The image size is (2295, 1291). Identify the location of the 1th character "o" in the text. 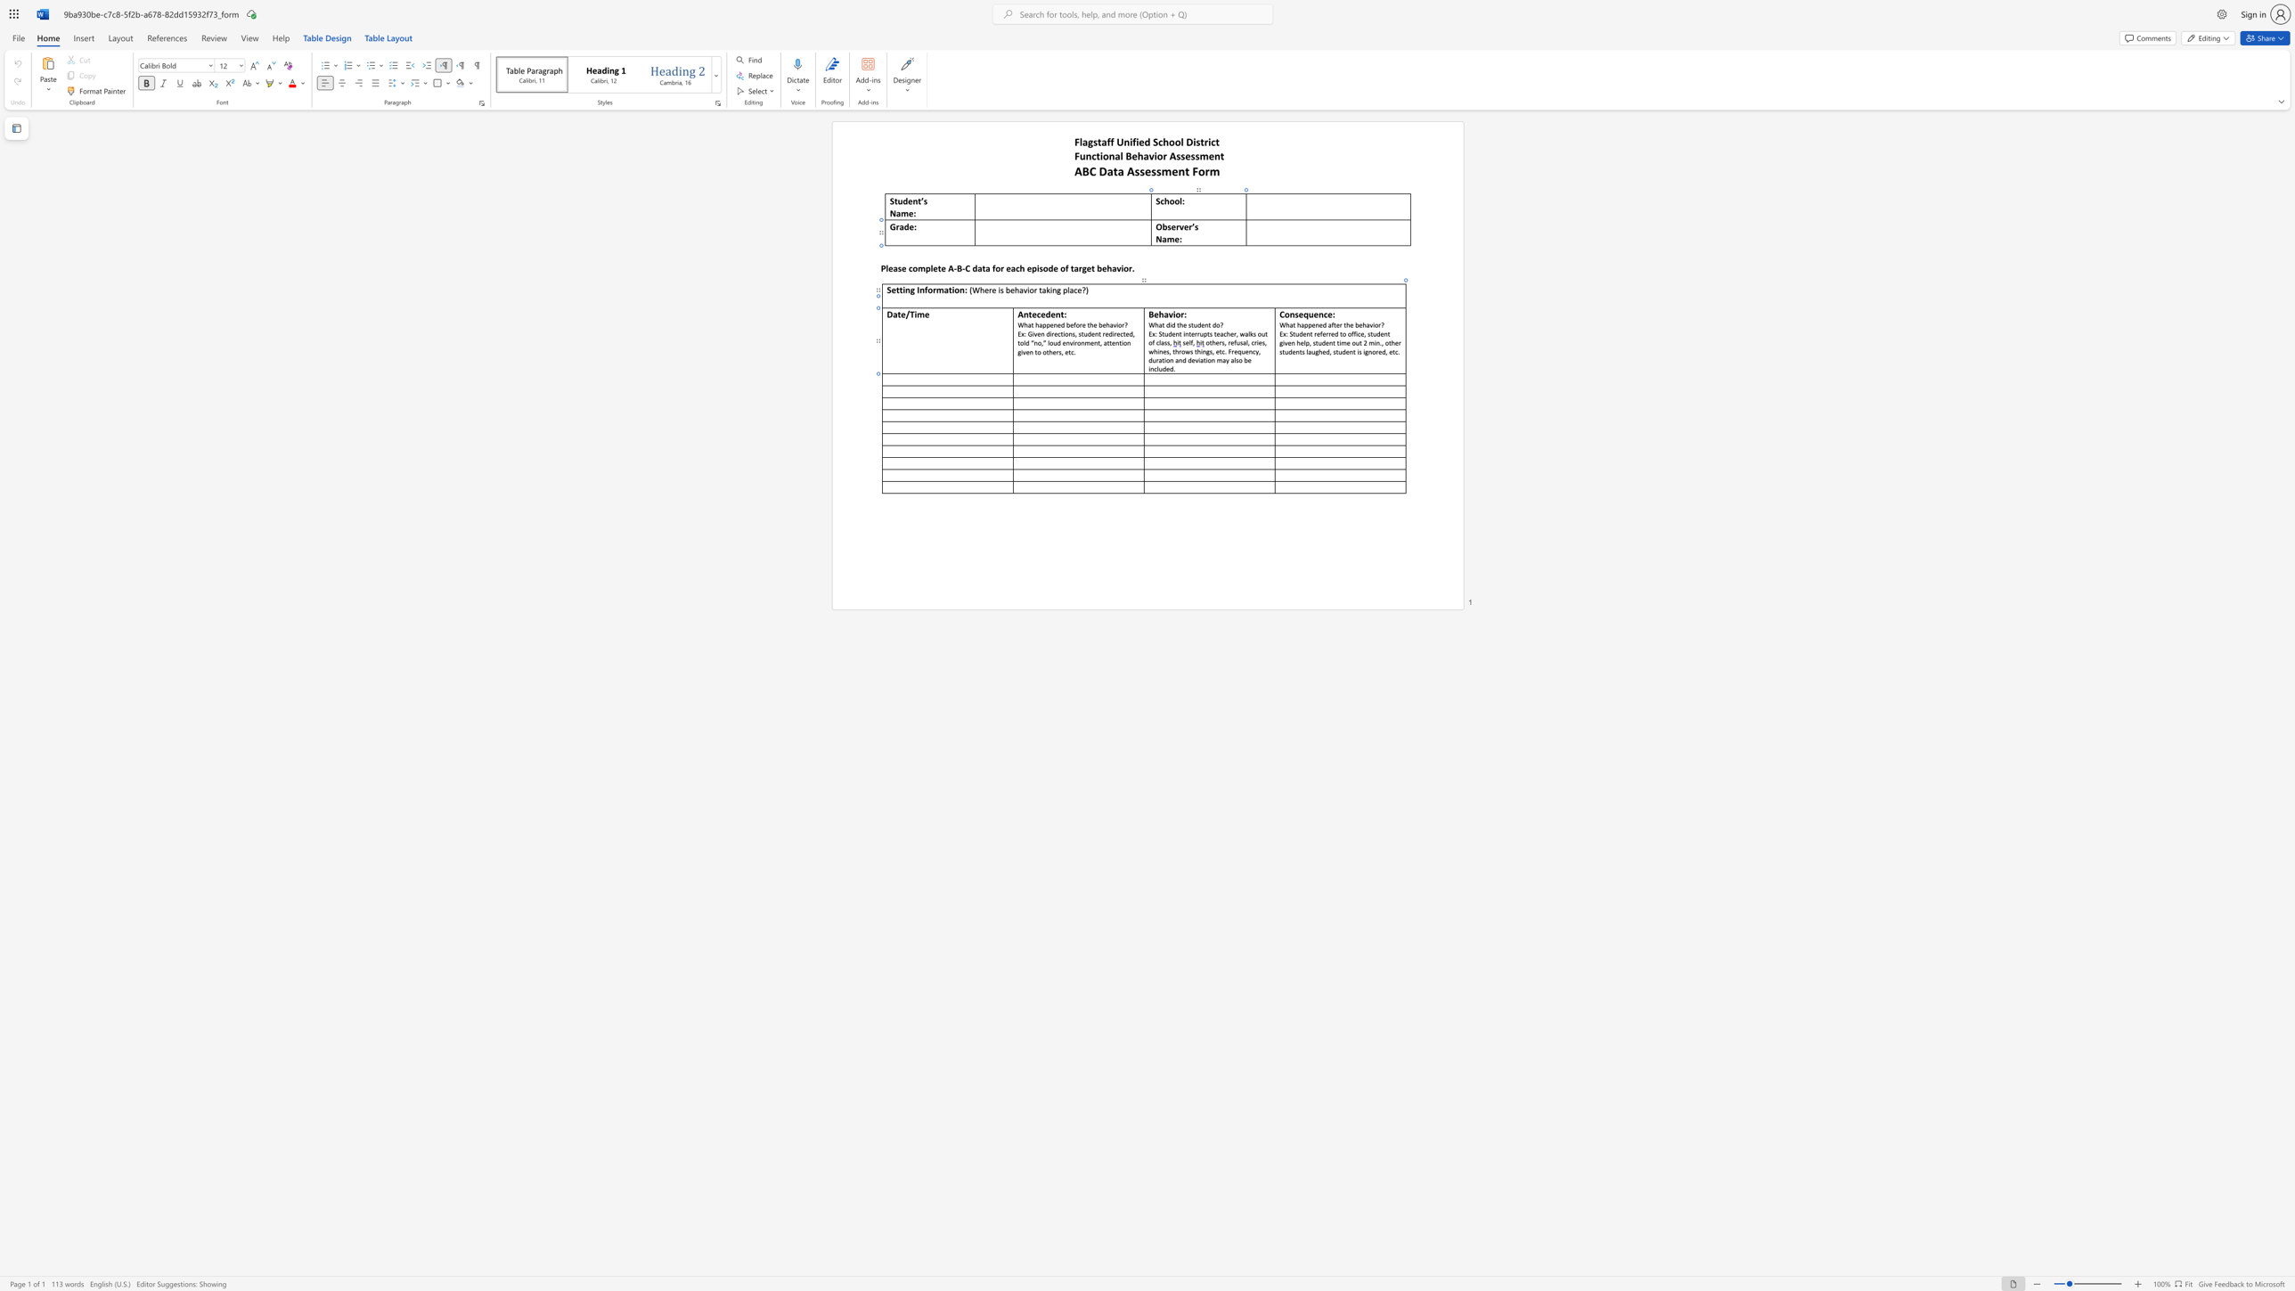
(1066, 332).